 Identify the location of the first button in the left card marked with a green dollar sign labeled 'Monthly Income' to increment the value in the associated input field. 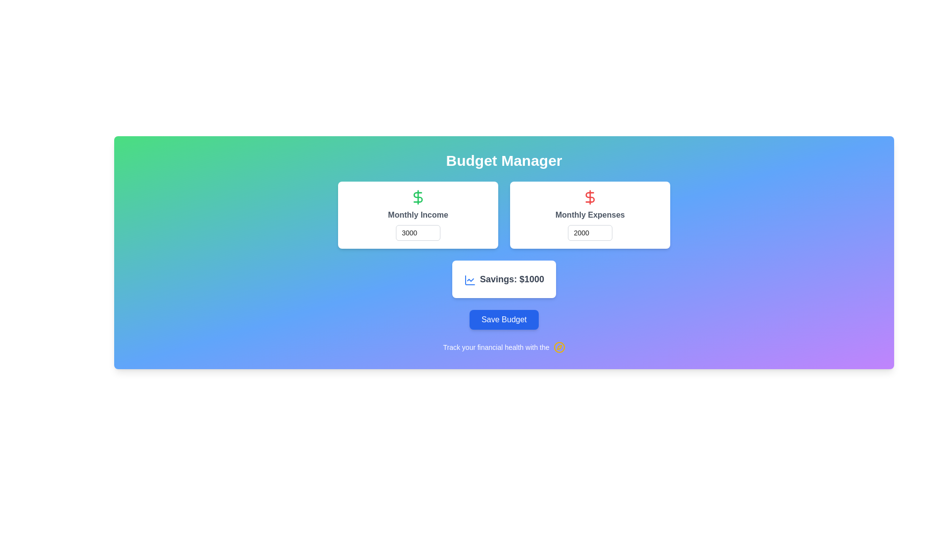
(439, 229).